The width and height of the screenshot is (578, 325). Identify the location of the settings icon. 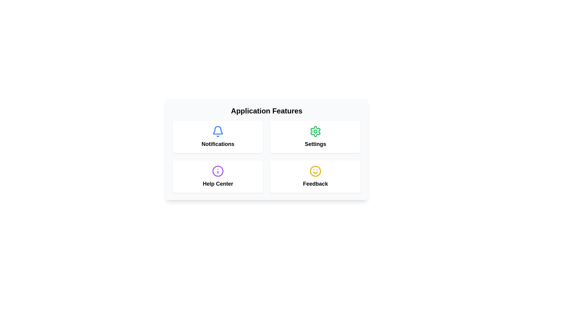
(315, 131).